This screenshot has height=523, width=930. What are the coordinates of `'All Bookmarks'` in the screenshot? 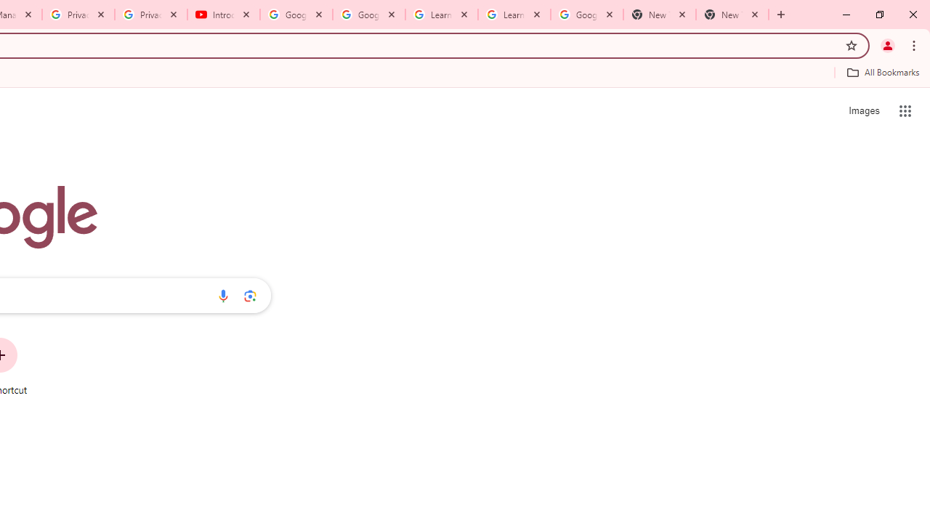 It's located at (882, 72).